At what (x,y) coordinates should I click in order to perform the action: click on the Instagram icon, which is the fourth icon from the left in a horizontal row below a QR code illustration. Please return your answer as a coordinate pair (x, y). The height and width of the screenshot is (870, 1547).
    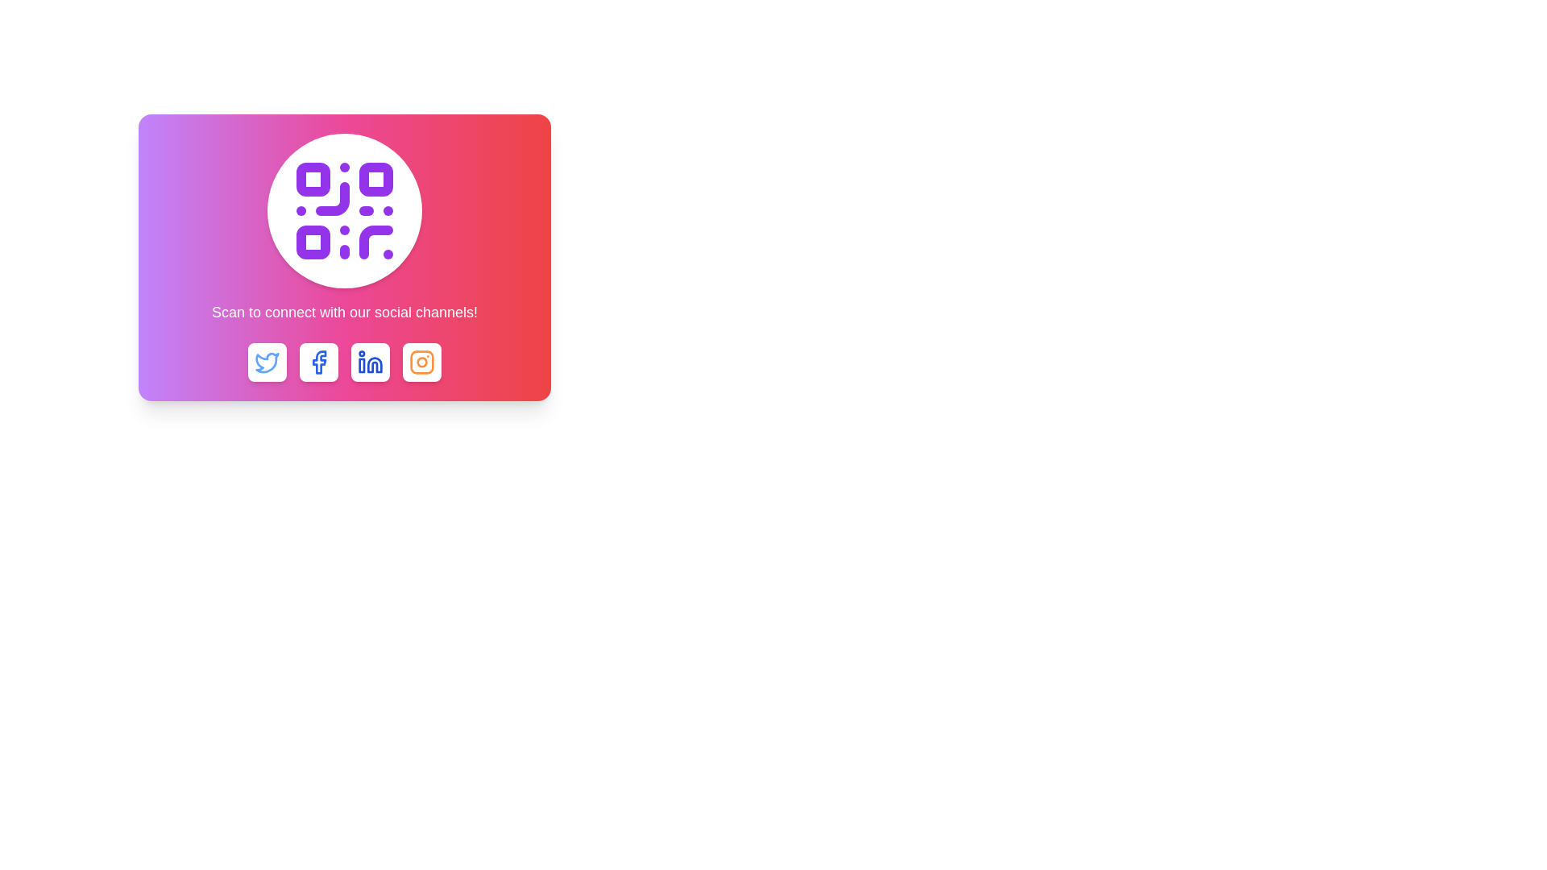
    Looking at the image, I should click on (421, 362).